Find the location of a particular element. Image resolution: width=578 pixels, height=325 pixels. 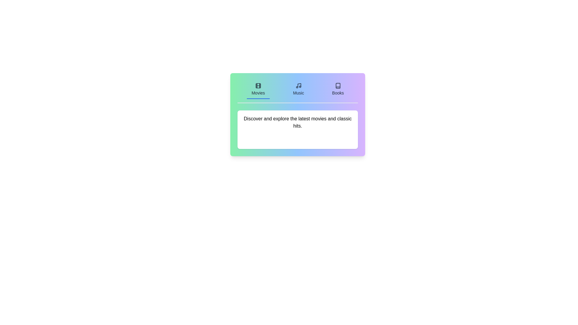

the Movies tab is located at coordinates (258, 89).